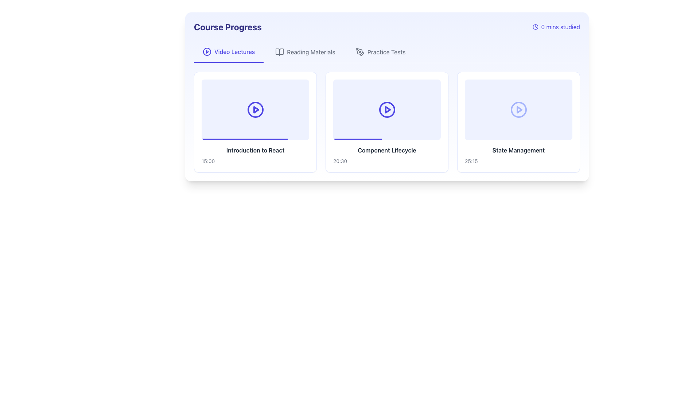 This screenshot has width=700, height=394. Describe the element at coordinates (206, 51) in the screenshot. I see `the central circular part of the play button icon, which is represented by an SVG circle element` at that location.